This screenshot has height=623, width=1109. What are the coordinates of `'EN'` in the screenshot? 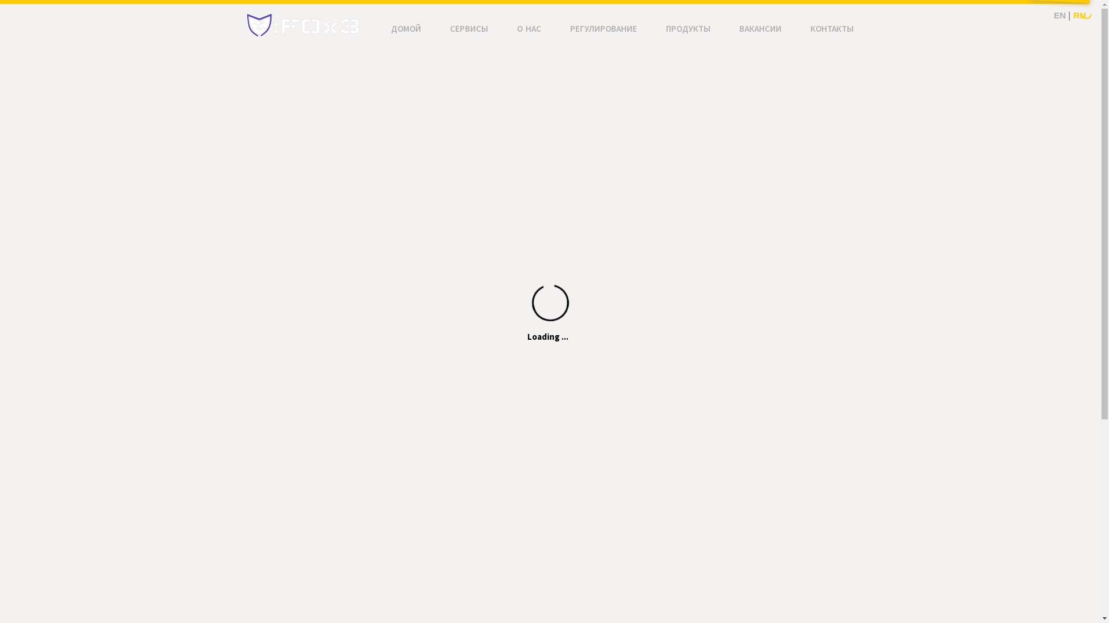 It's located at (1059, 15).